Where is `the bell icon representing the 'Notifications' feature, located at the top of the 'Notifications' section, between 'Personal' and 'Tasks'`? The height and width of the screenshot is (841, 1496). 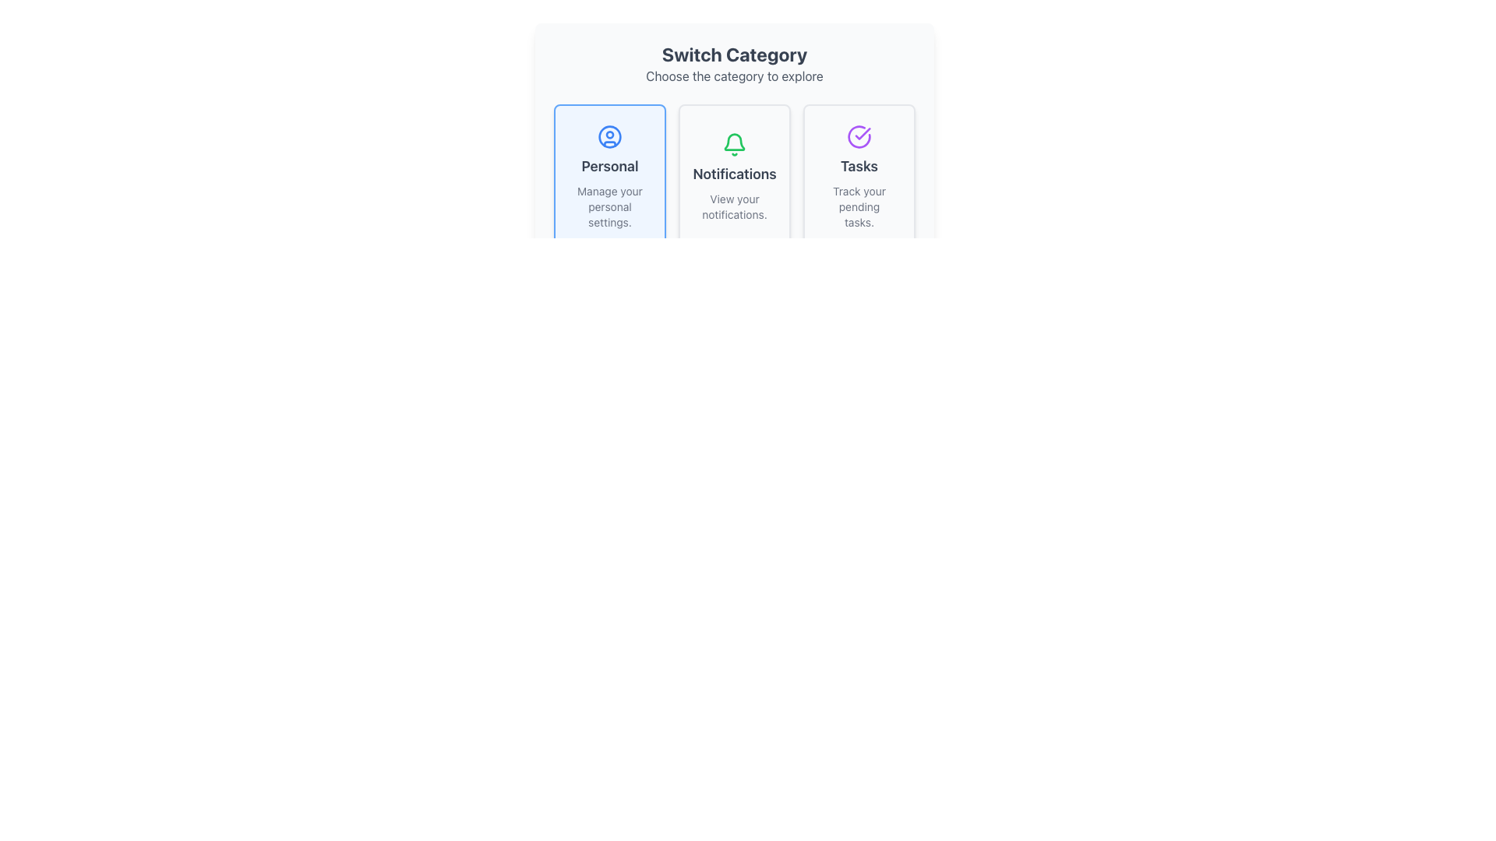 the bell icon representing the 'Notifications' feature, located at the top of the 'Notifications' section, between 'Personal' and 'Tasks' is located at coordinates (733, 144).